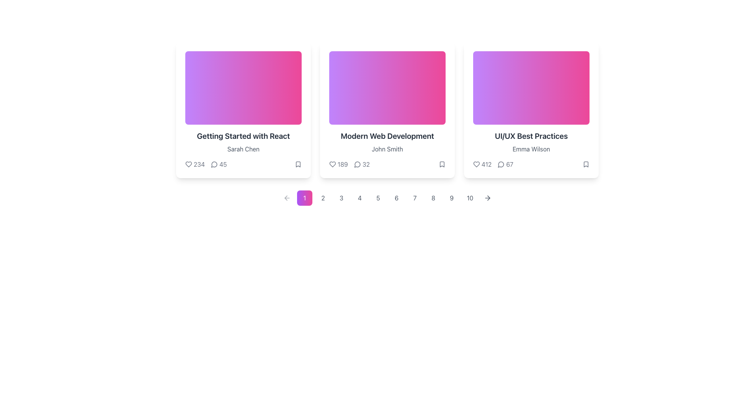 This screenshot has width=735, height=413. I want to click on the circular button labeled with '10' to change its background color, which is styled with a minimalistic aesthetic and has a transition effect on hover, so click(470, 197).